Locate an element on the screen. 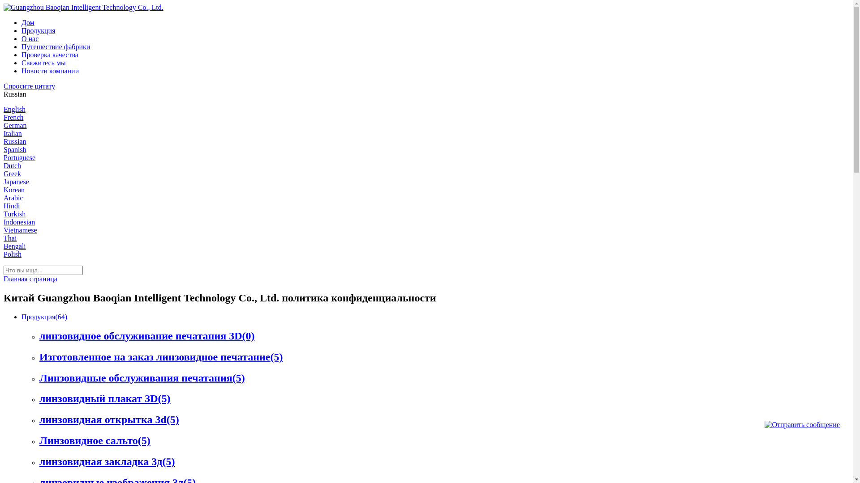 This screenshot has width=860, height=483. 'Indonesian' is located at coordinates (19, 221).